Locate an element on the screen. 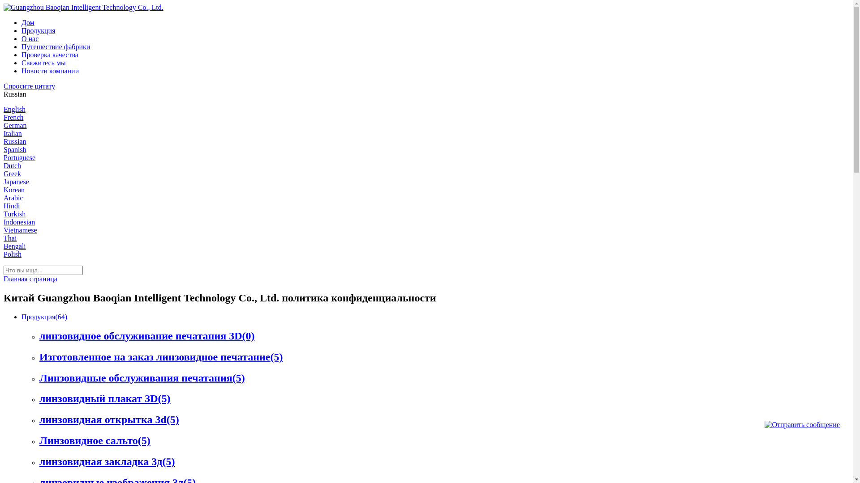 This screenshot has width=860, height=483. 'Indonesian' is located at coordinates (19, 221).